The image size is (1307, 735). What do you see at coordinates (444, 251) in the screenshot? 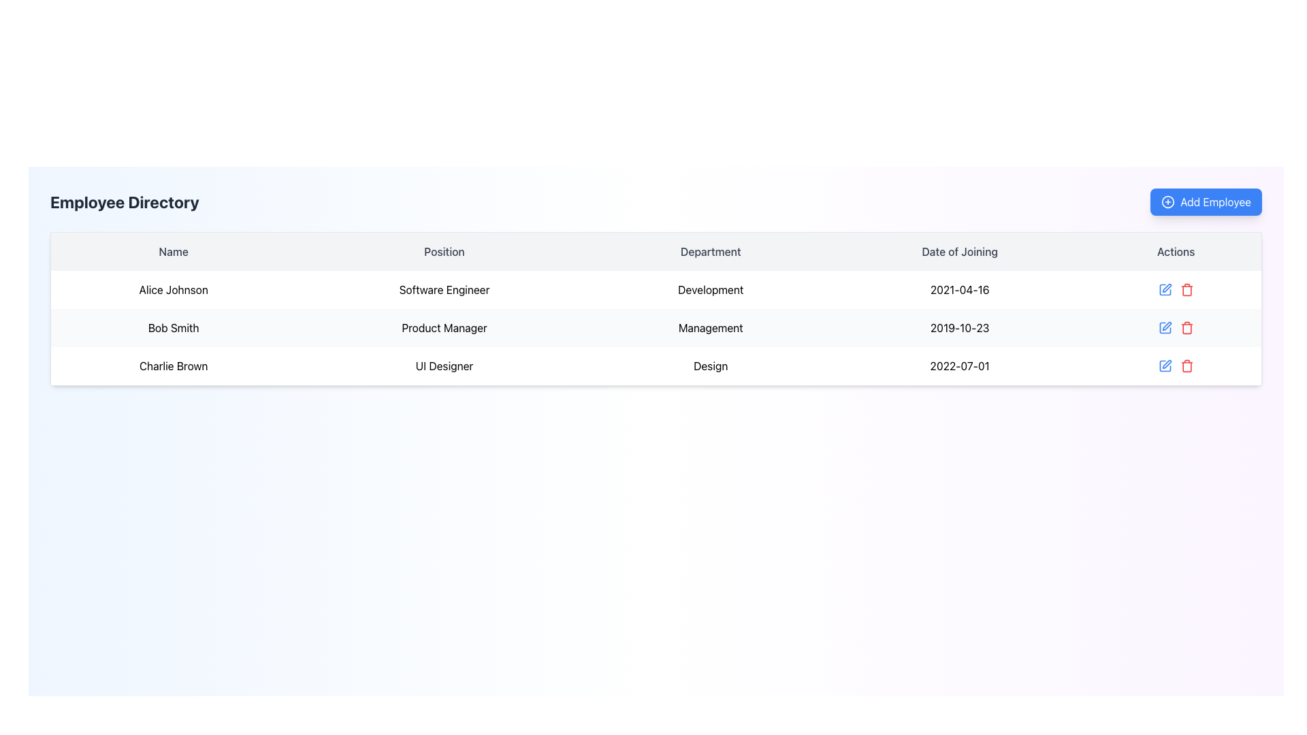
I see `the Table Header Cell displaying 'Position' in a medium-weight gray font, which is the second column header in the table, located between 'Name' and 'Department'` at bounding box center [444, 251].